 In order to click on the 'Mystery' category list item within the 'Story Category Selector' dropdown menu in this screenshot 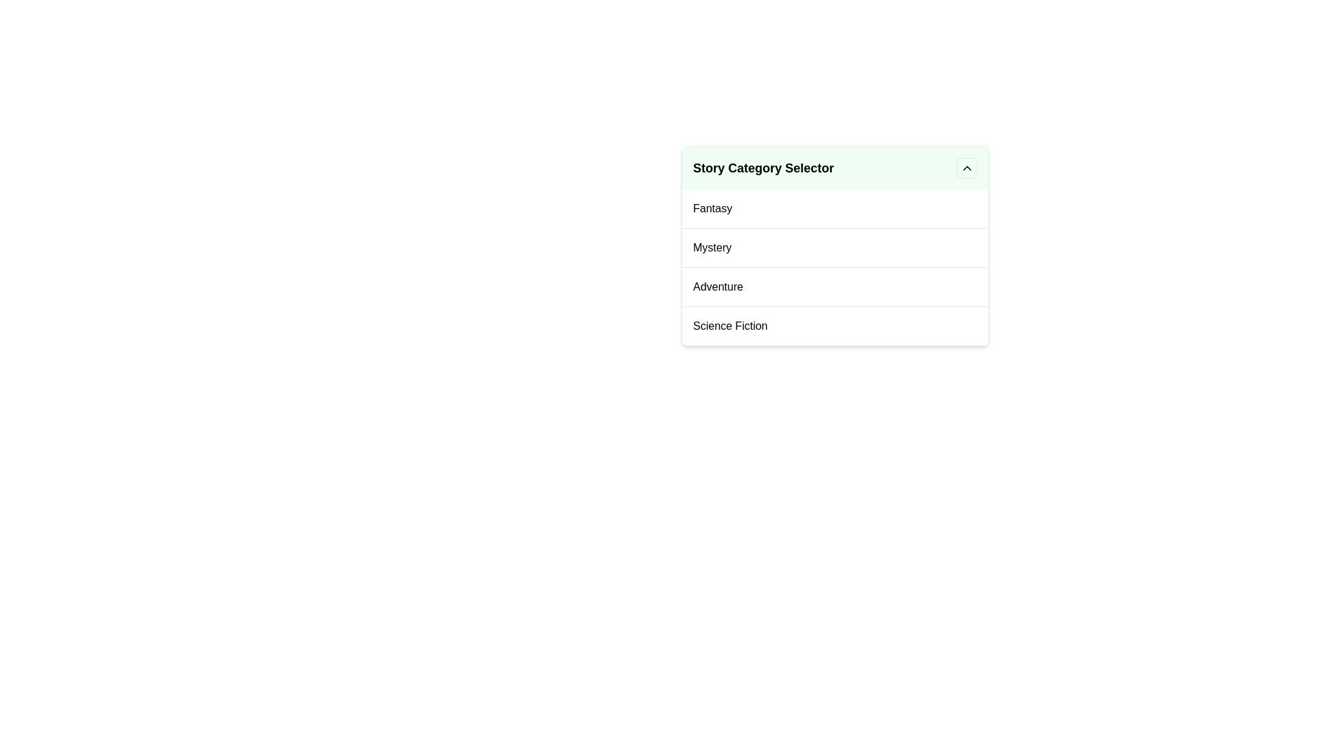, I will do `click(834, 245)`.